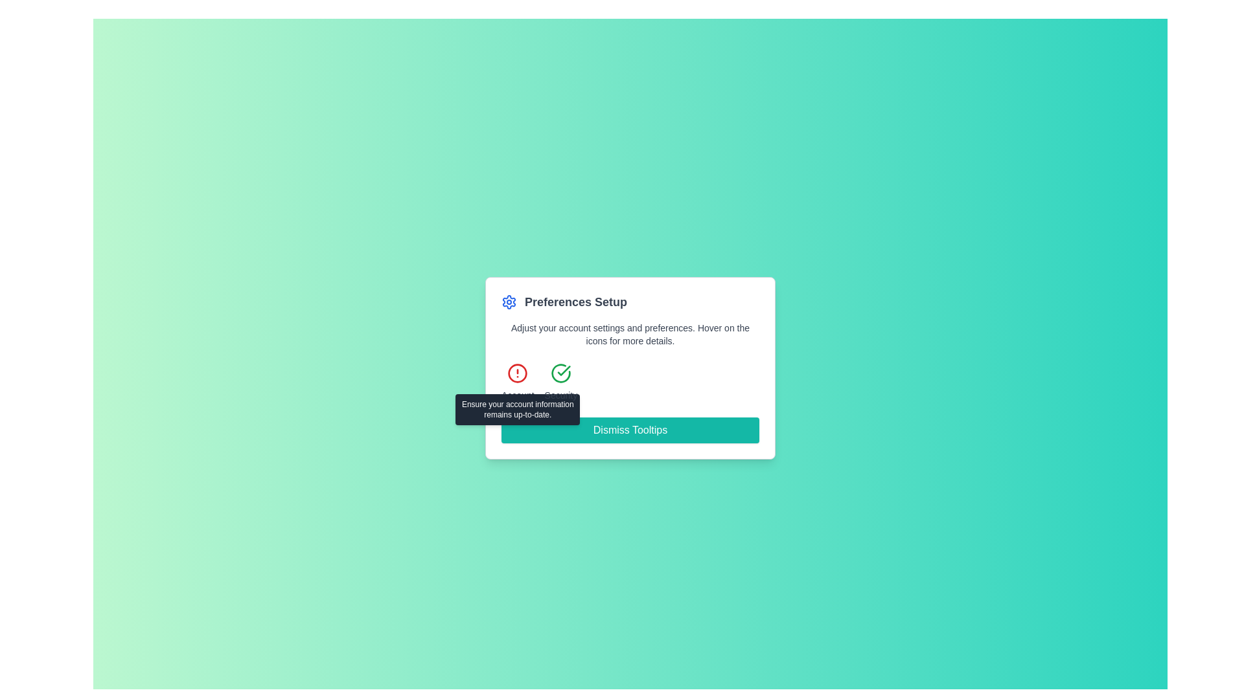  Describe the element at coordinates (630, 368) in the screenshot. I see `the 'Dismiss Tooltips' button in the Preferences Setup dialog box` at that location.